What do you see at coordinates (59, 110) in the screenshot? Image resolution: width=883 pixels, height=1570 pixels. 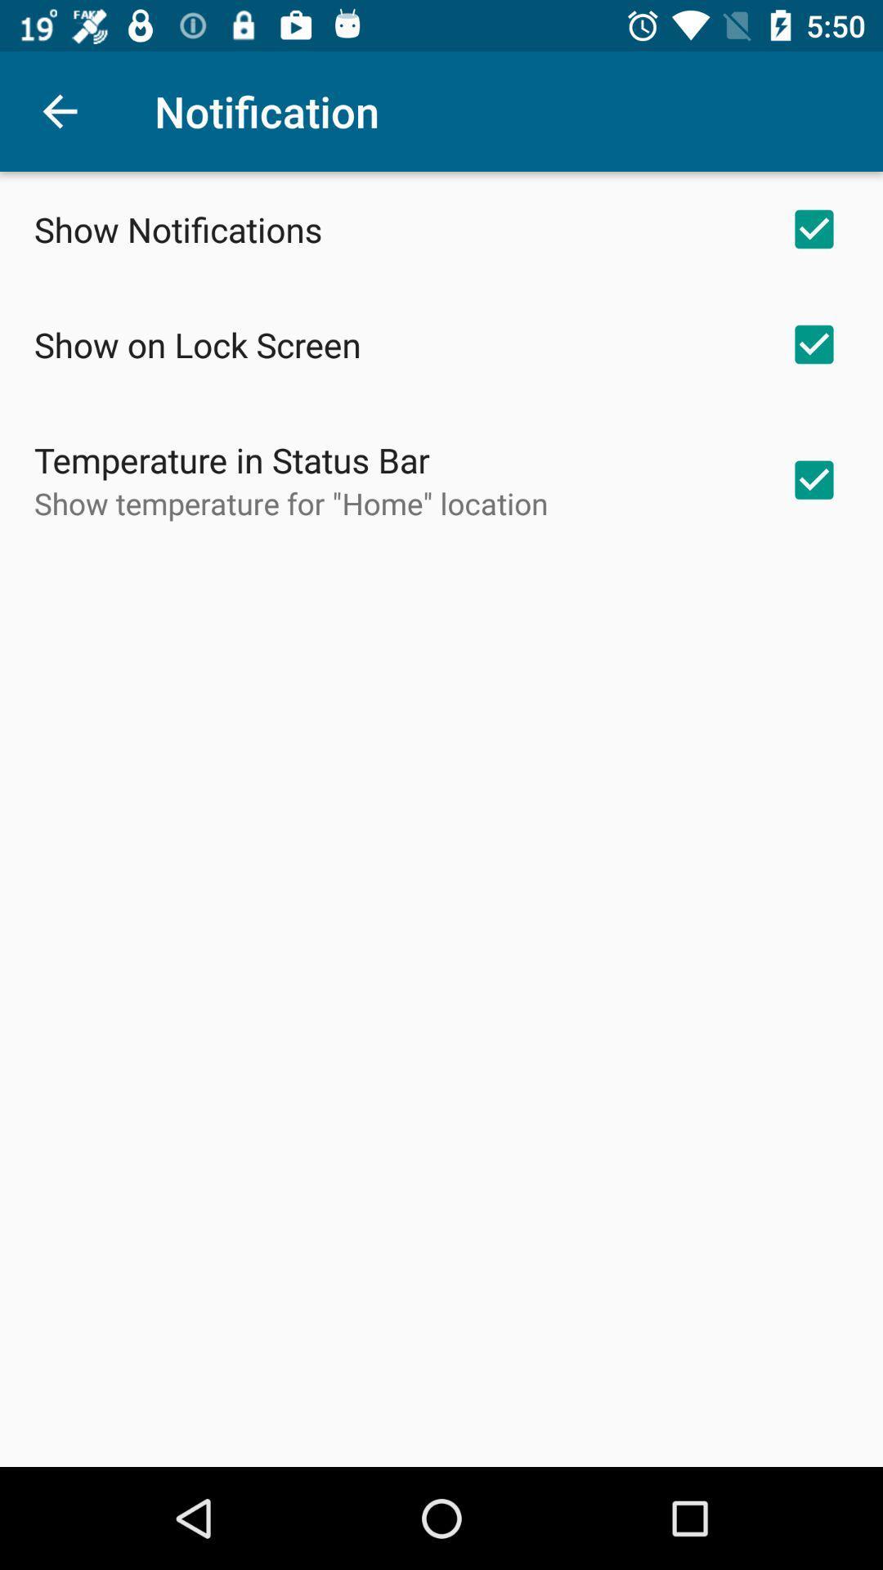 I see `item above show notifications` at bounding box center [59, 110].